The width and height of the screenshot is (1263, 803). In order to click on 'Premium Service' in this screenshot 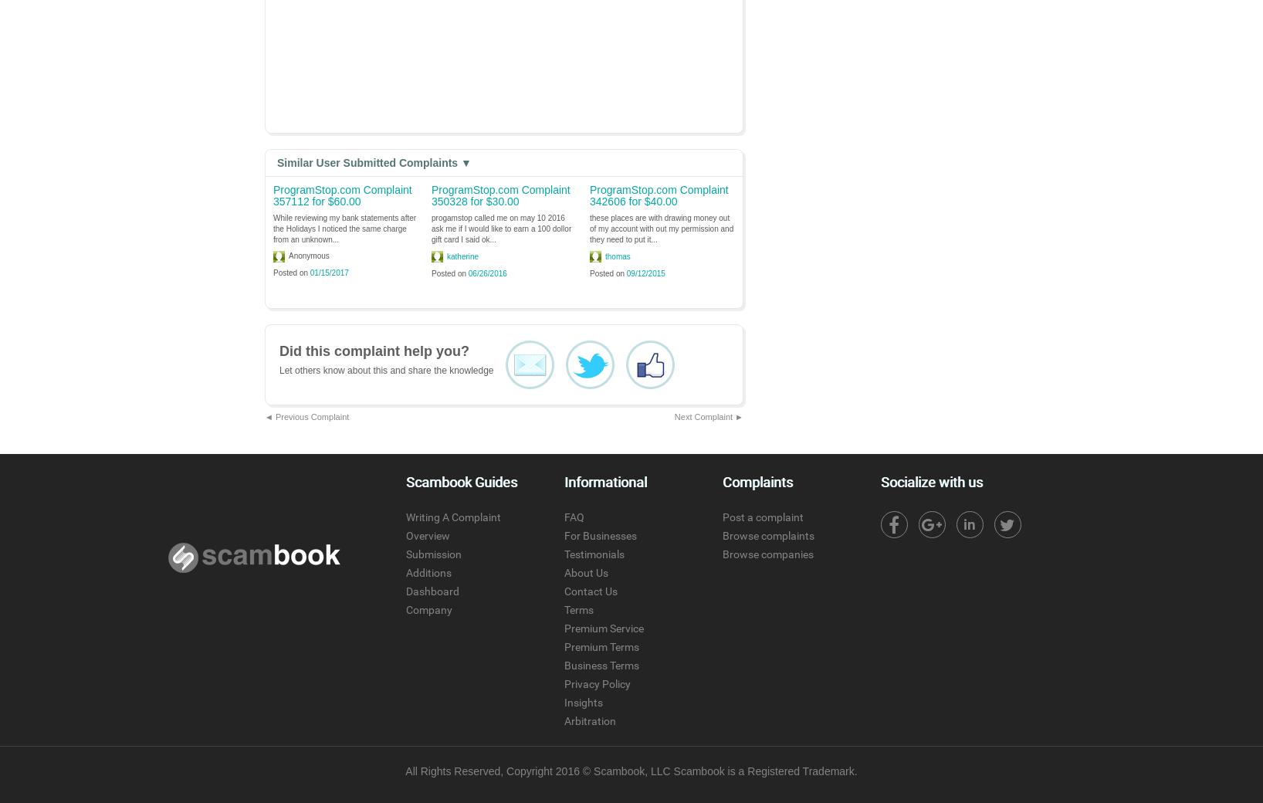, I will do `click(603, 628)`.